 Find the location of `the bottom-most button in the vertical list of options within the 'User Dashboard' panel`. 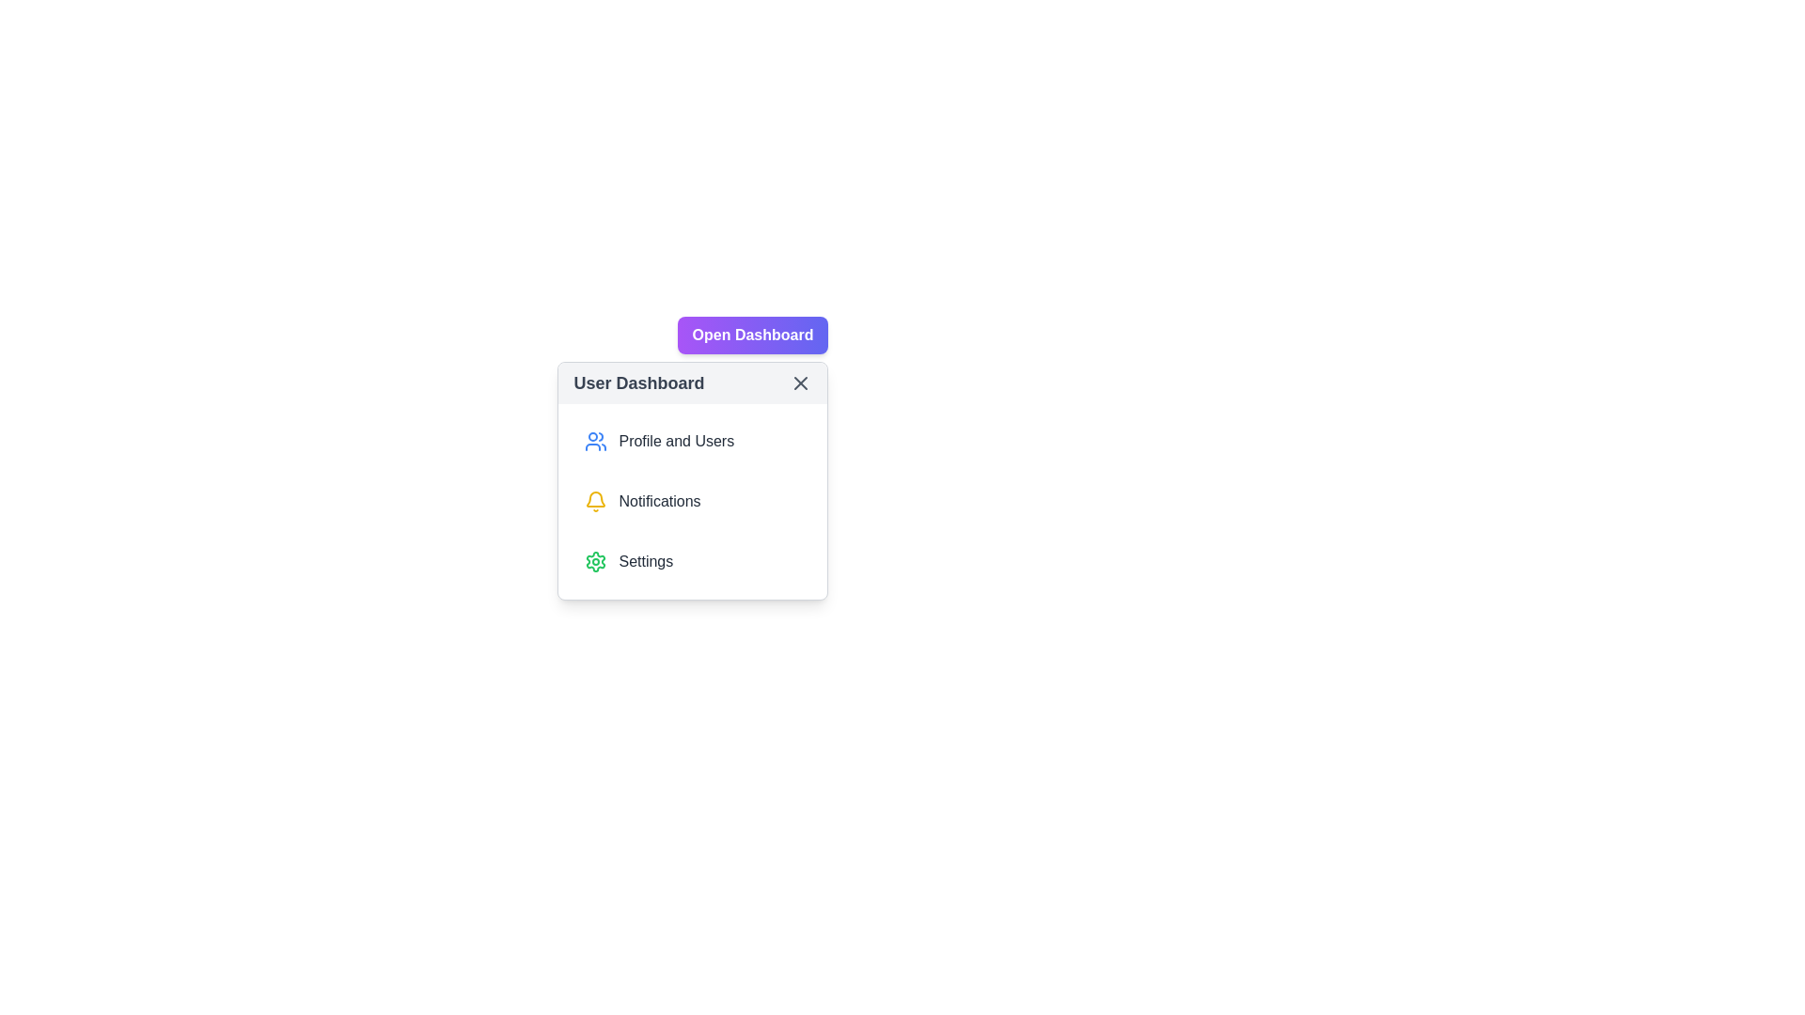

the bottom-most button in the vertical list of options within the 'User Dashboard' panel is located at coordinates (692, 560).